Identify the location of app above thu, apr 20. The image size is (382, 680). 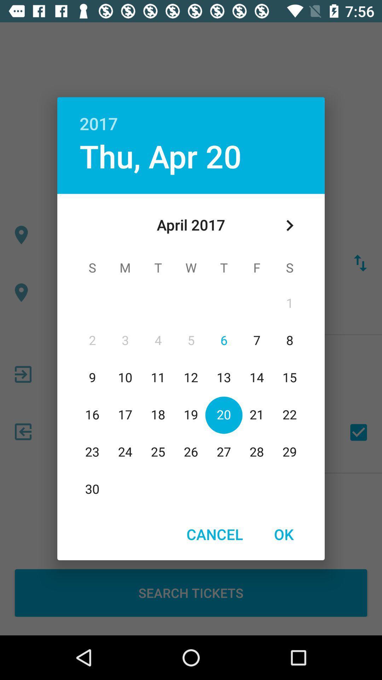
(191, 116).